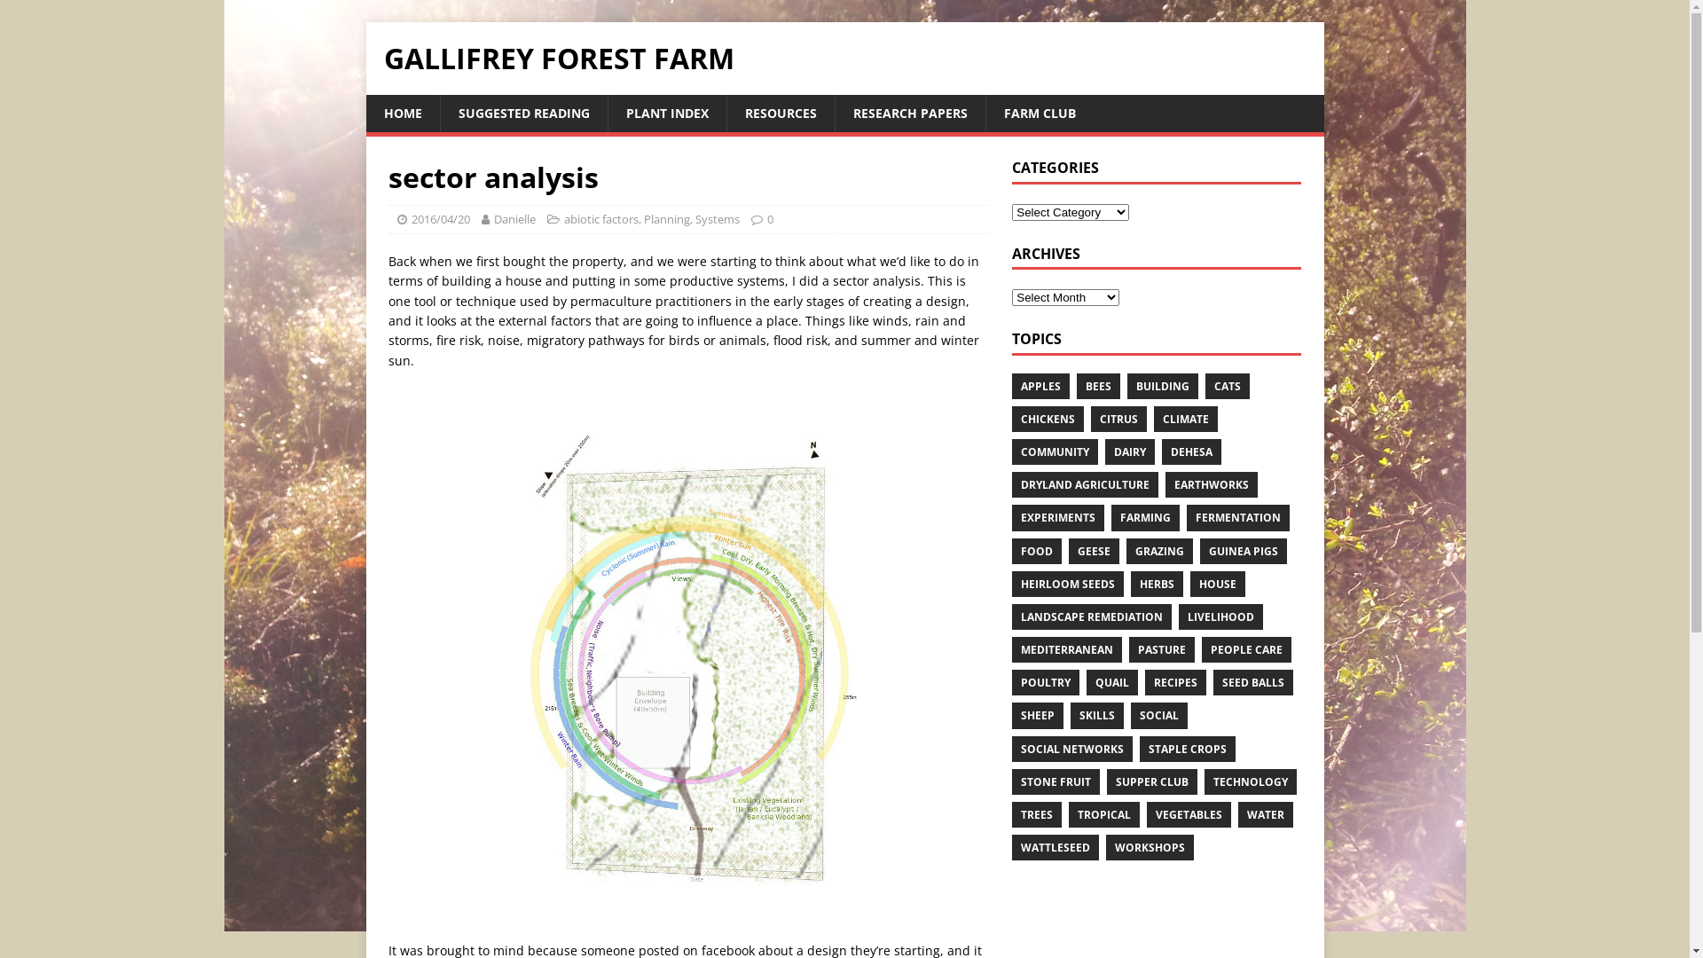 The width and height of the screenshot is (1703, 958). I want to click on 'DRYLAND AGRICULTURE', so click(1084, 484).